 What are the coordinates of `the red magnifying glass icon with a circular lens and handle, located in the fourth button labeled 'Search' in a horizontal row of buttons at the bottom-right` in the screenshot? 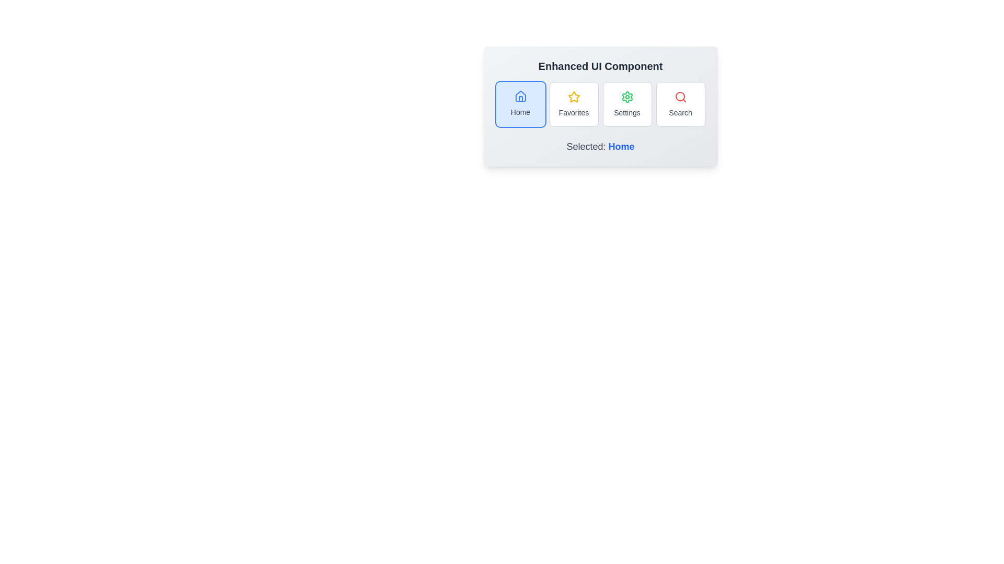 It's located at (680, 97).